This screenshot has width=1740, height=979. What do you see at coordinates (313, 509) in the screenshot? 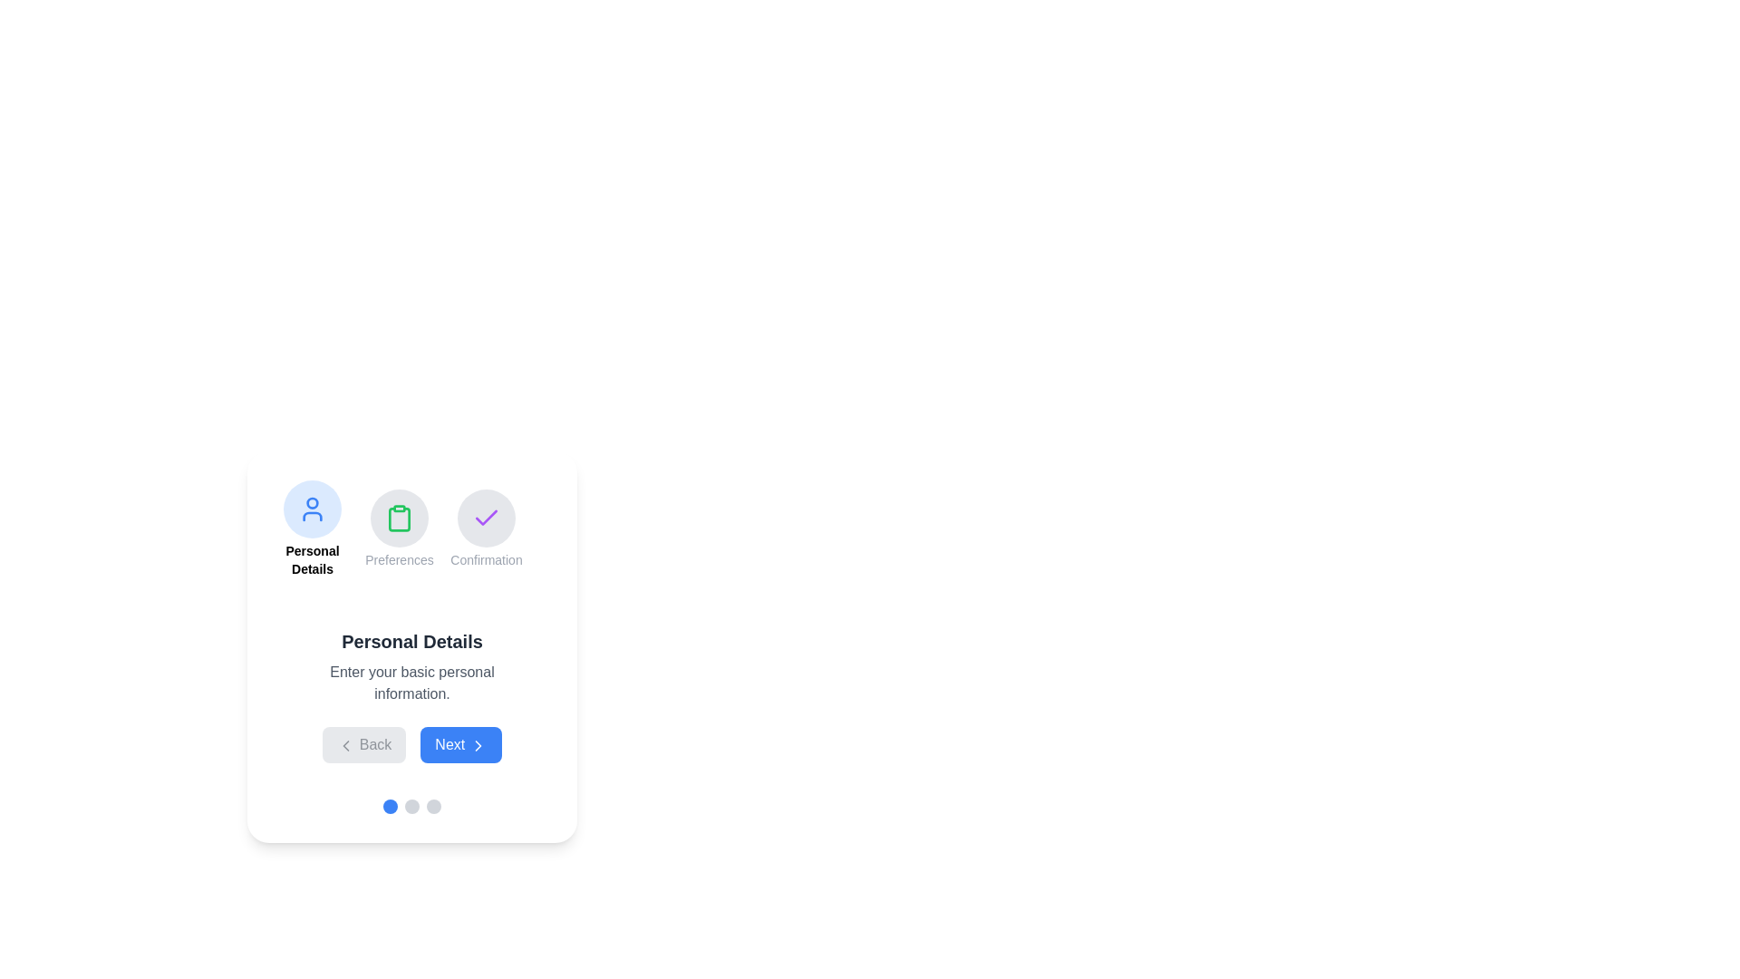
I see `the 'Personal Details' icon located at the top of the 'Personal Details' section, centered horizontally above the corresponding text label` at bounding box center [313, 509].